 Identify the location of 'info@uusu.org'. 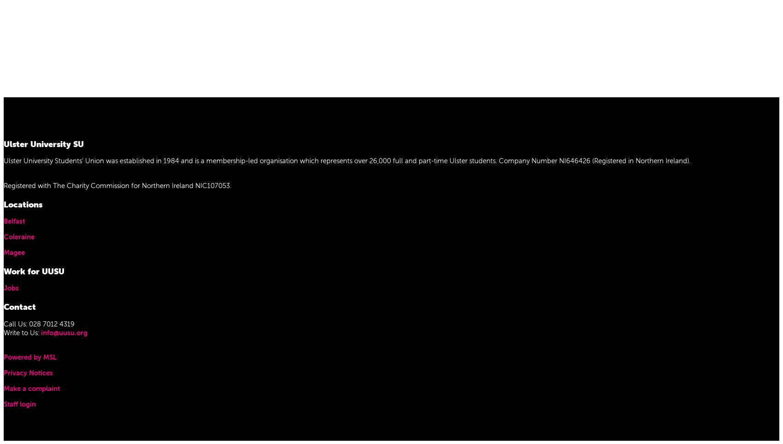
(64, 332).